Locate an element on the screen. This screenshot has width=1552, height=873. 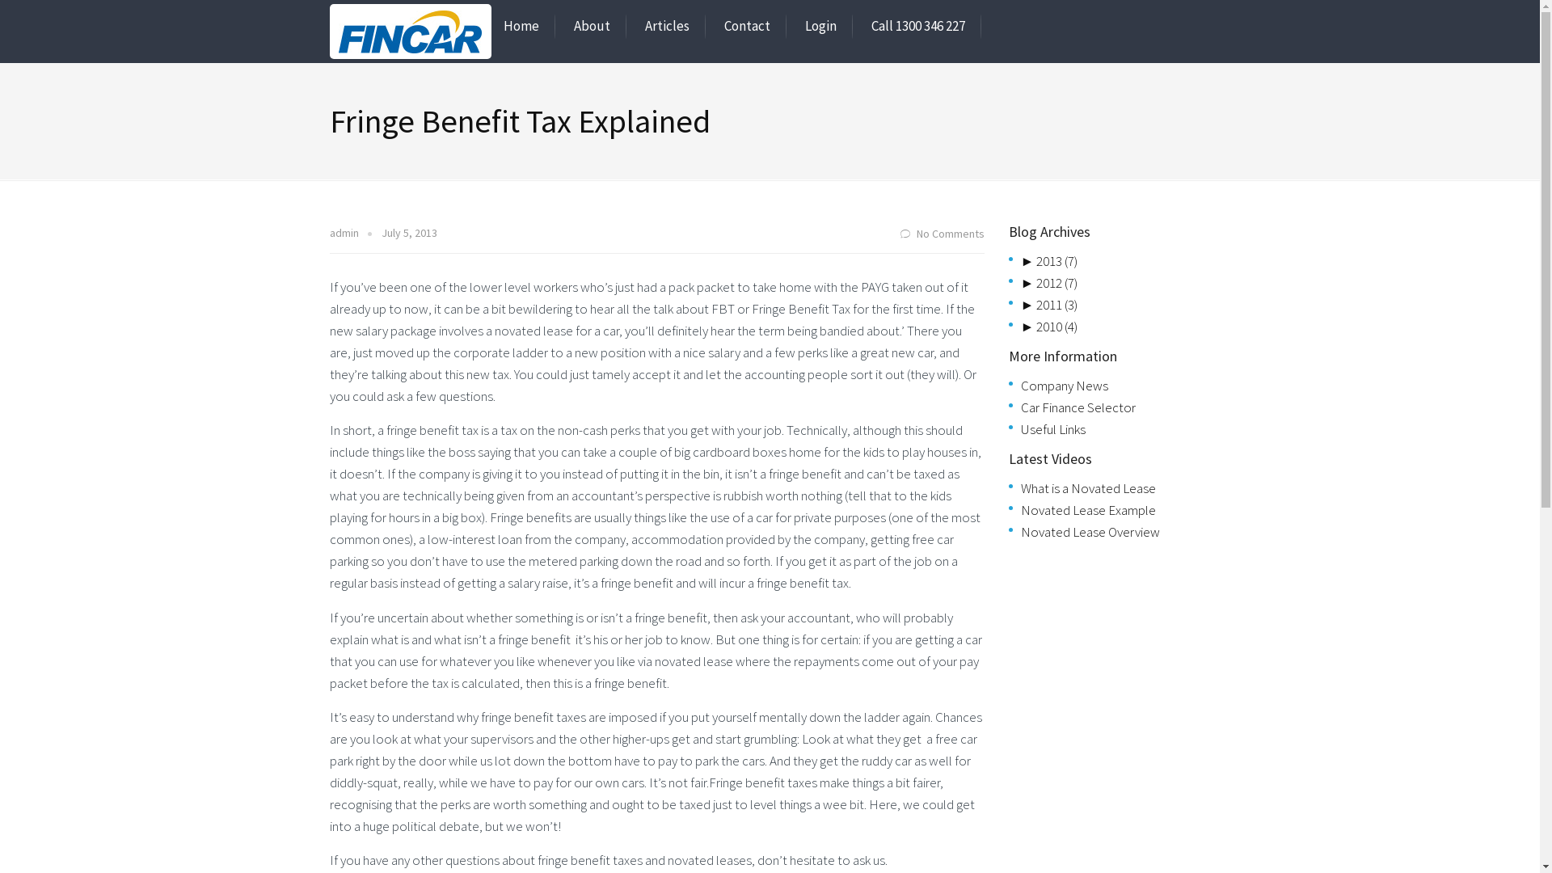
'Novated Lease Overview' is located at coordinates (1090, 532).